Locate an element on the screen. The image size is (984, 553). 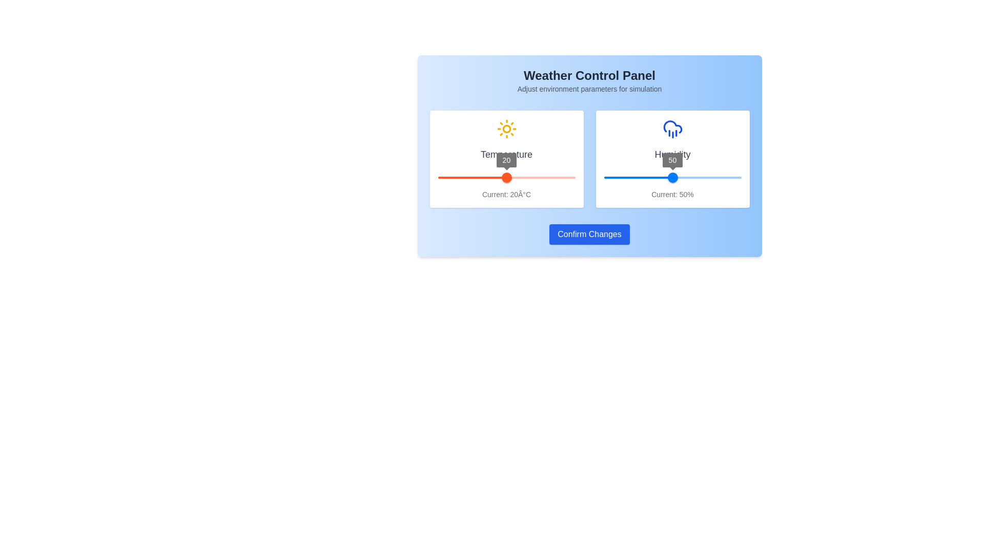
the text label that reads 'Adjust environment parameters for simulation', located below the 'Weather Control Panel' header is located at coordinates (589, 88).